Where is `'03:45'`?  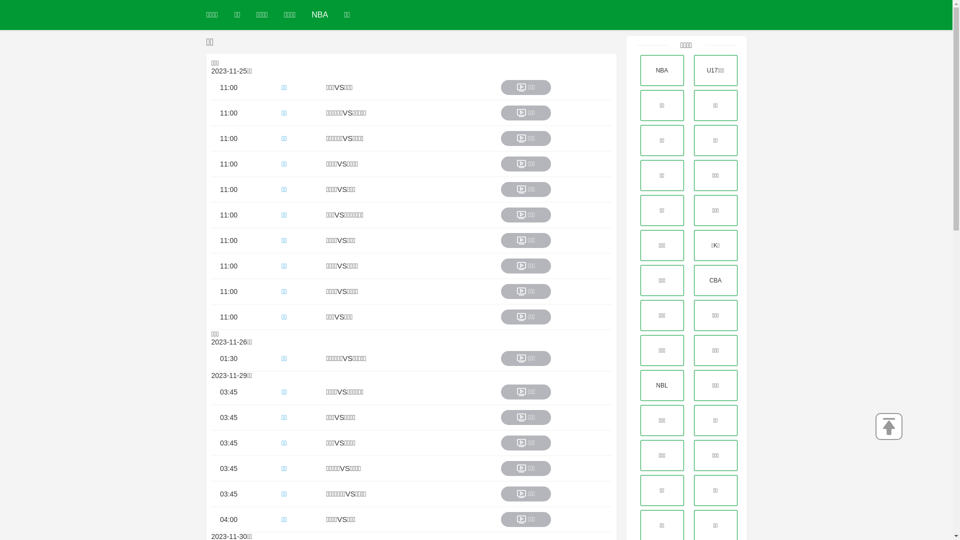
'03:45' is located at coordinates (219, 442).